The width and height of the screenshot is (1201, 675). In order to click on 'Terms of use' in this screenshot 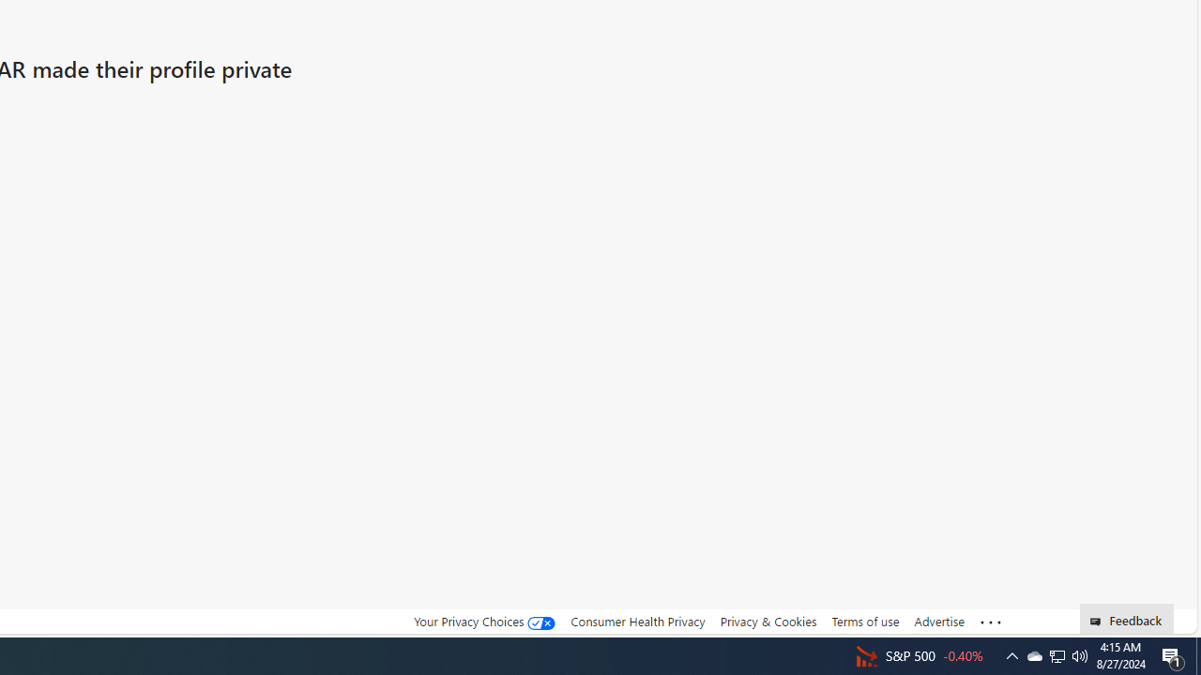, I will do `click(864, 621)`.